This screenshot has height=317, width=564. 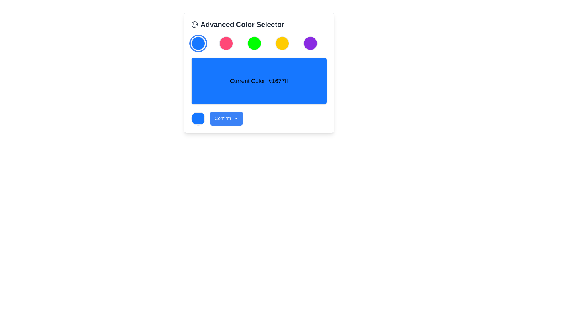 I want to click on the 'Confirm' button label using accessibility tools, so click(x=222, y=119).